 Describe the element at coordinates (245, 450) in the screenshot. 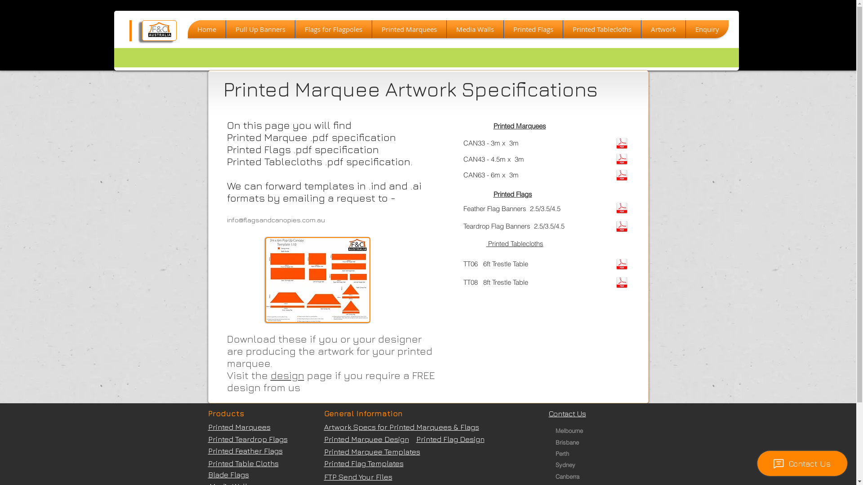

I see `'Printed Feather Flags'` at that location.